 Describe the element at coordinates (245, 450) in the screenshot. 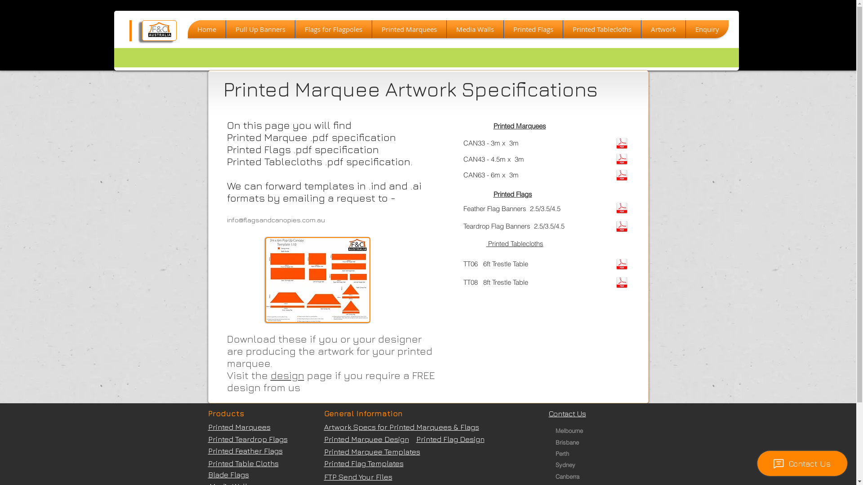

I see `'Printed Feather Flags'` at that location.